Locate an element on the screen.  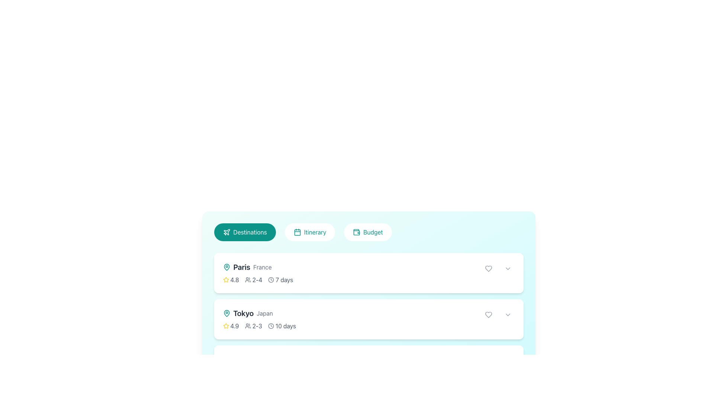
properties of the text label displaying 'Tokyo', which is the second destination item in the list, located between a map pin icon and the text label 'Japan' is located at coordinates (243, 313).